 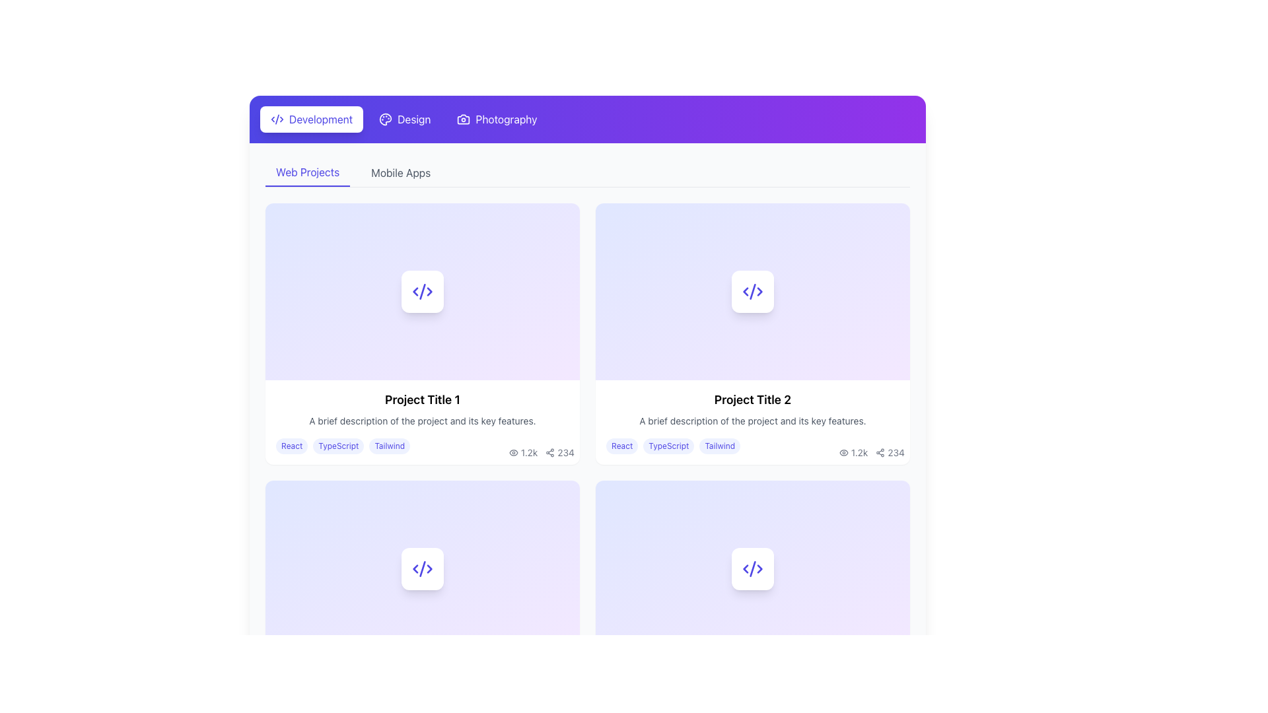 I want to click on the SVG graphic icon representing the coding or XML-related theme of 'Project Title 1', located in the top-left area of the grid layout, so click(x=421, y=290).